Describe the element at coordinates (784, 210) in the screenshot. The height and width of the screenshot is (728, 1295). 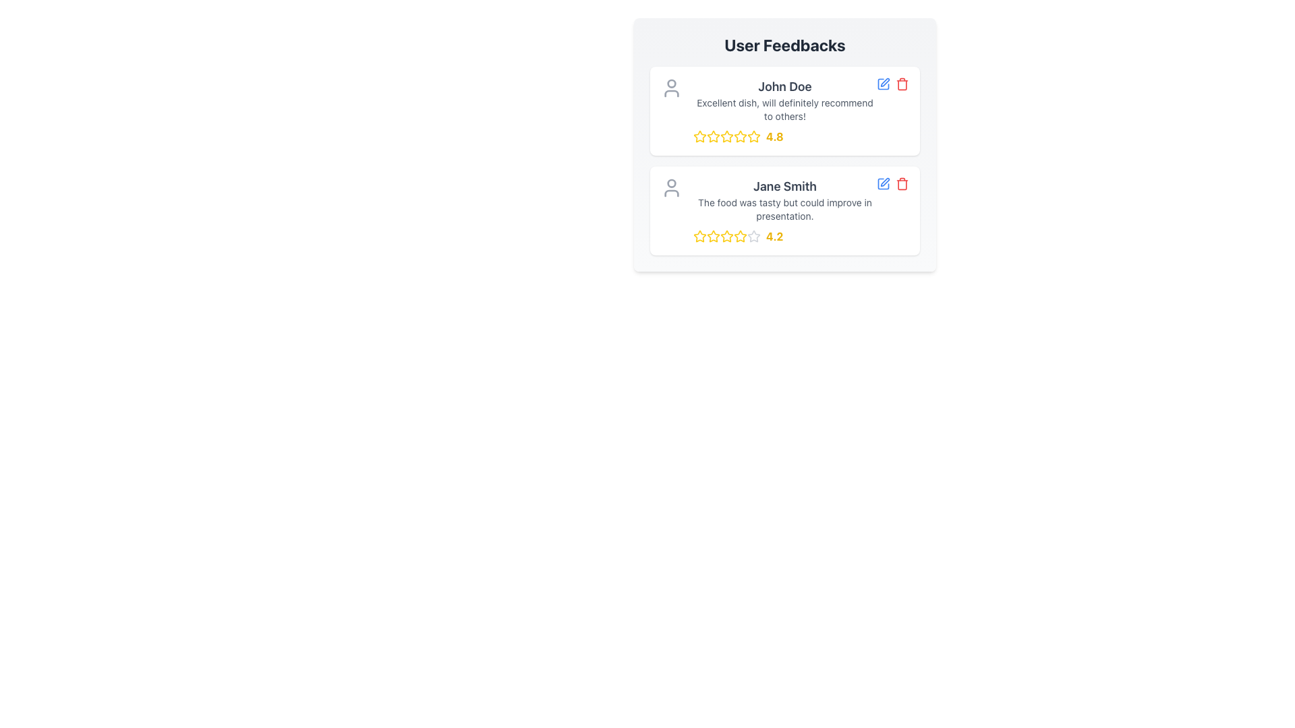
I see `the Text Label displaying user feedback for 'Jane Smith' located in the 'User Feedbacks' section` at that location.